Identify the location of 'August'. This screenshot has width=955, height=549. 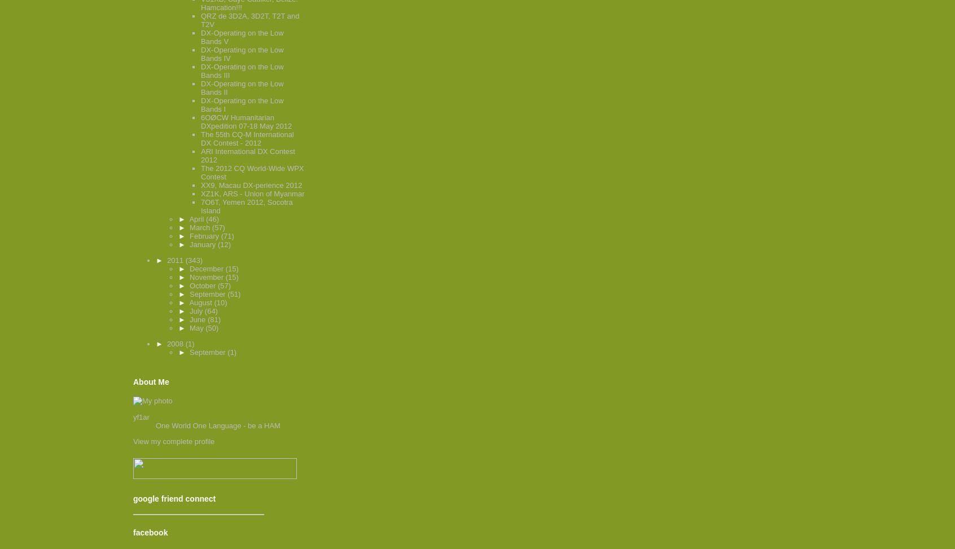
(201, 302).